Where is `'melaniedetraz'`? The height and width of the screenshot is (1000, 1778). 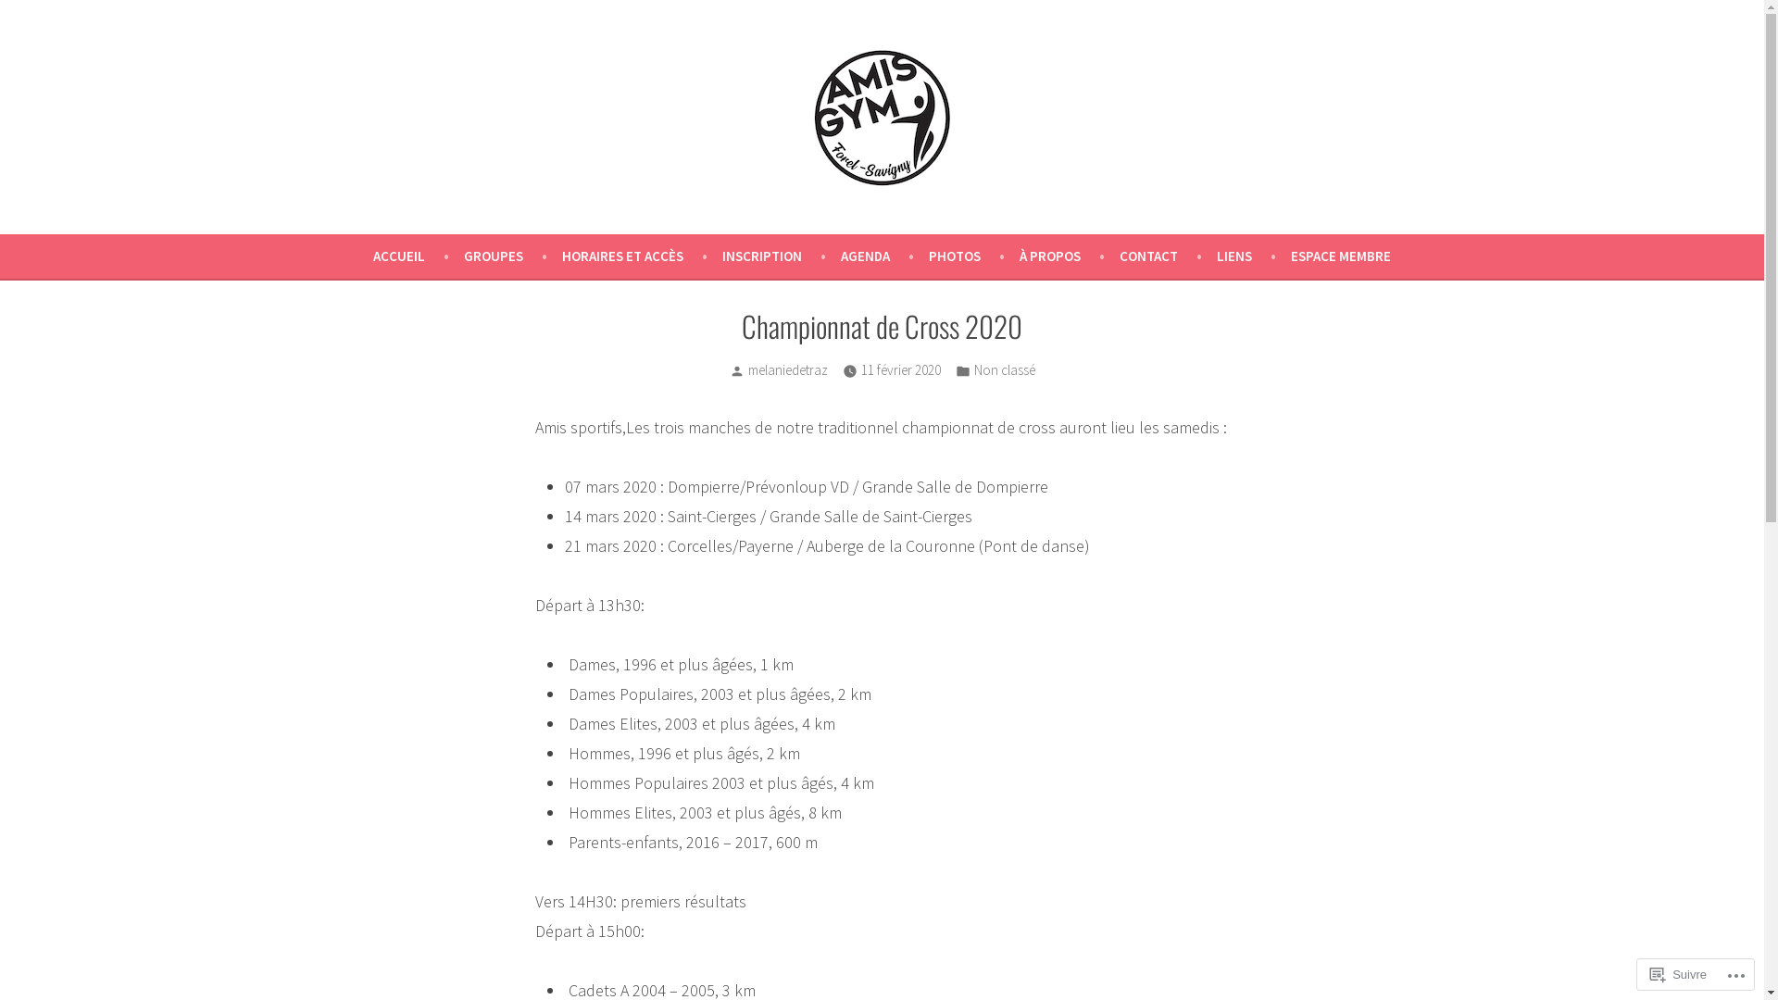
'melaniedetraz' is located at coordinates (787, 369).